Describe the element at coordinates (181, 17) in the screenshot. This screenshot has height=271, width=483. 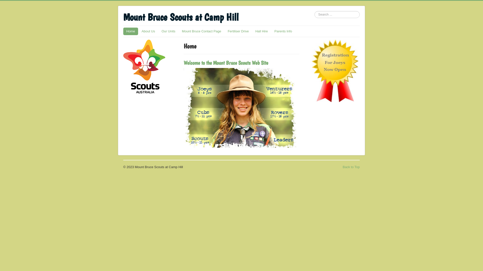
I see `'Mount Bruce Scouts at Camp Hill'` at that location.